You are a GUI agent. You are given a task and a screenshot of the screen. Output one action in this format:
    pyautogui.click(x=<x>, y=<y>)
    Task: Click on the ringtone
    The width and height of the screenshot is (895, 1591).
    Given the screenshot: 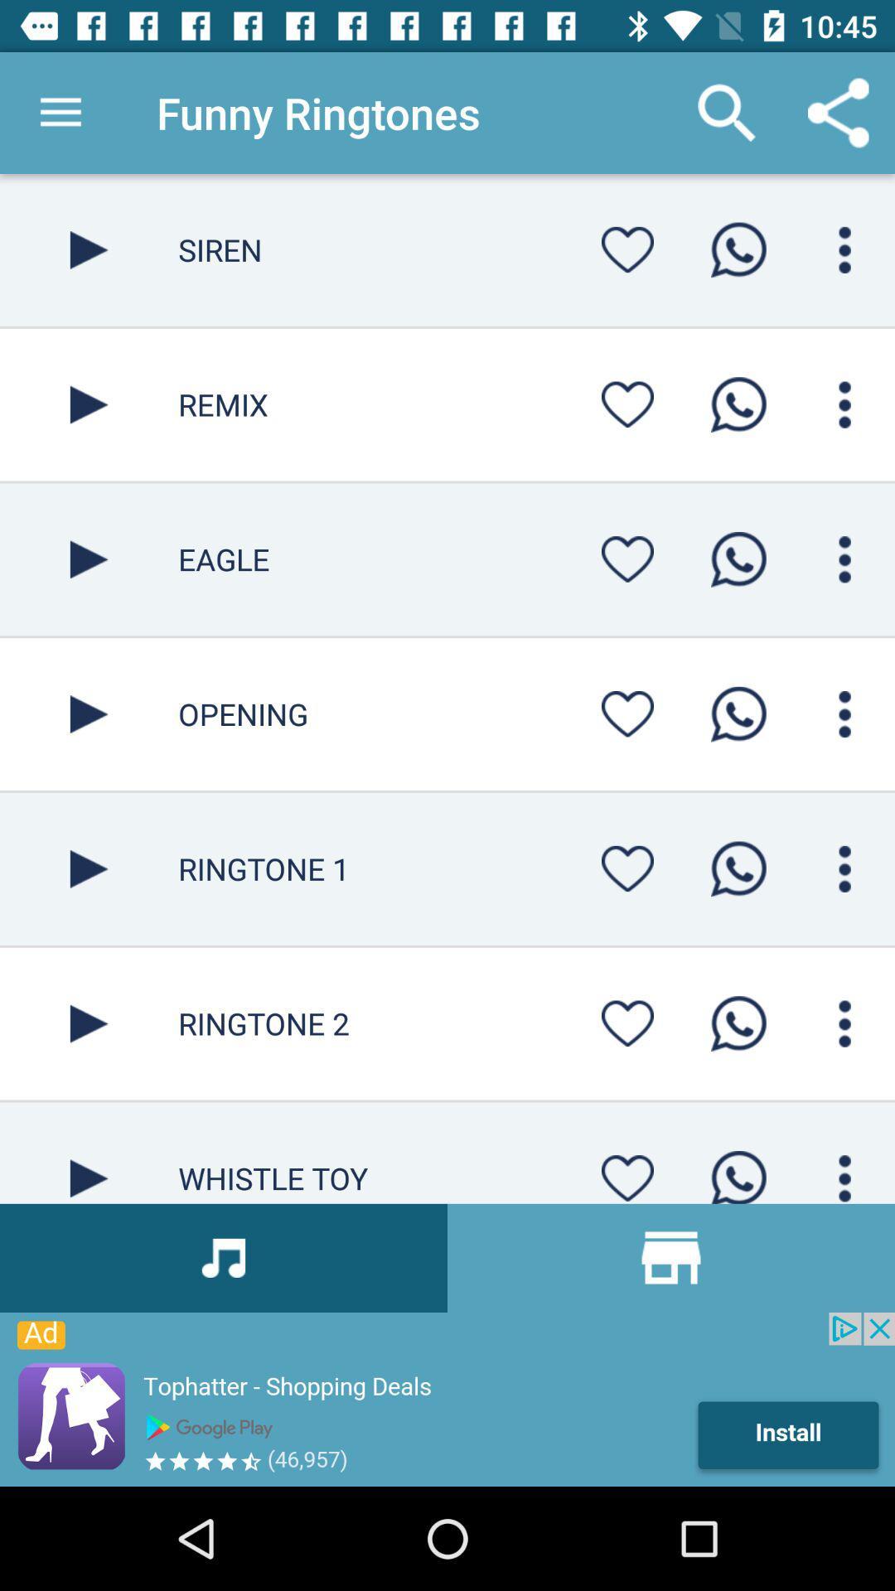 What is the action you would take?
    pyautogui.click(x=89, y=559)
    